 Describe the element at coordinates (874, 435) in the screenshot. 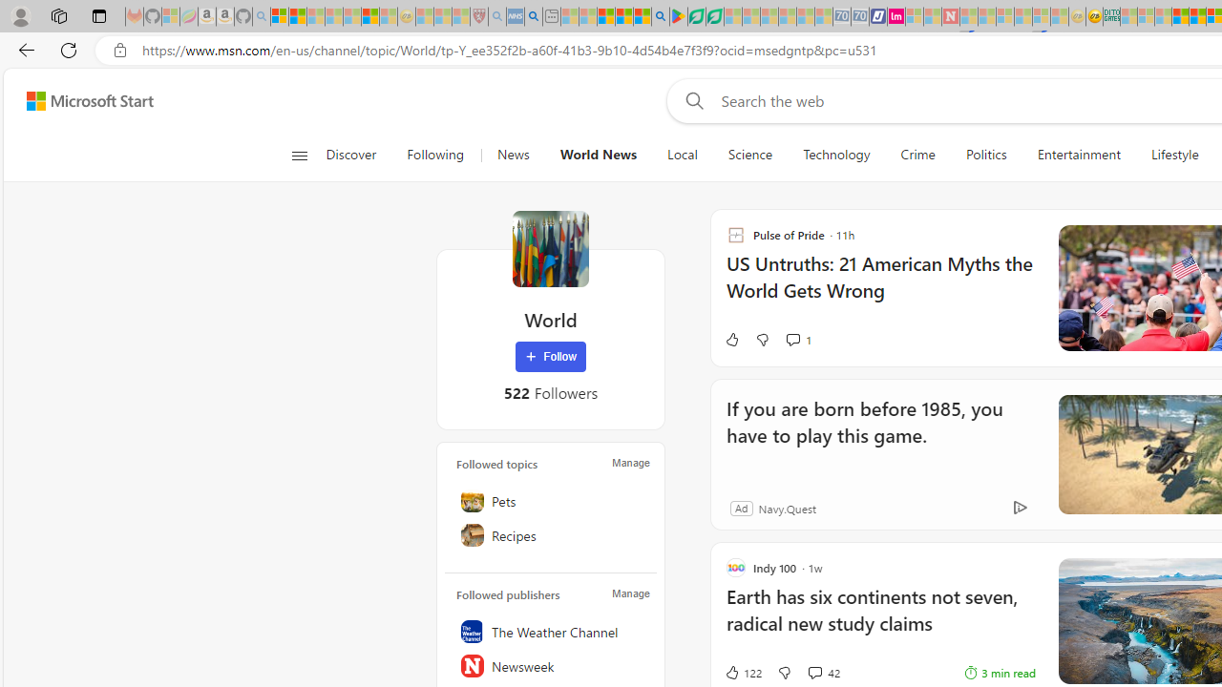

I see `'If you are born before 1985, you have to play this game.'` at that location.